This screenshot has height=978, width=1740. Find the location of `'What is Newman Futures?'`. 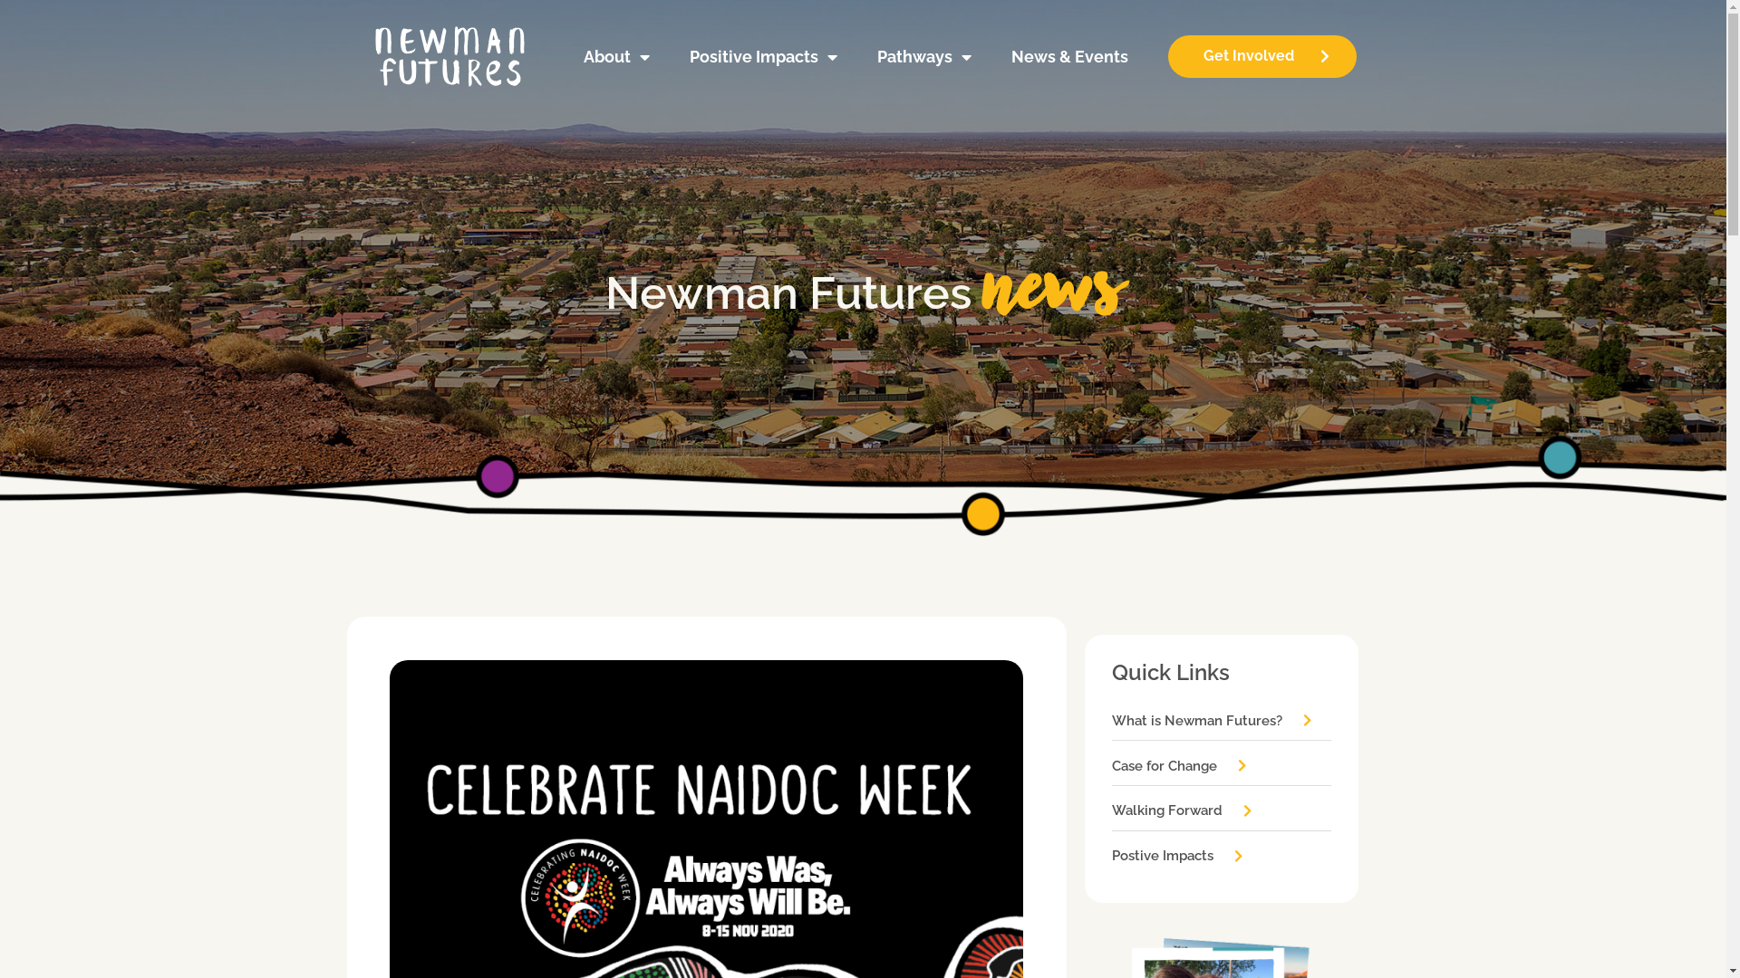

'What is Newman Futures?' is located at coordinates (1213, 720).